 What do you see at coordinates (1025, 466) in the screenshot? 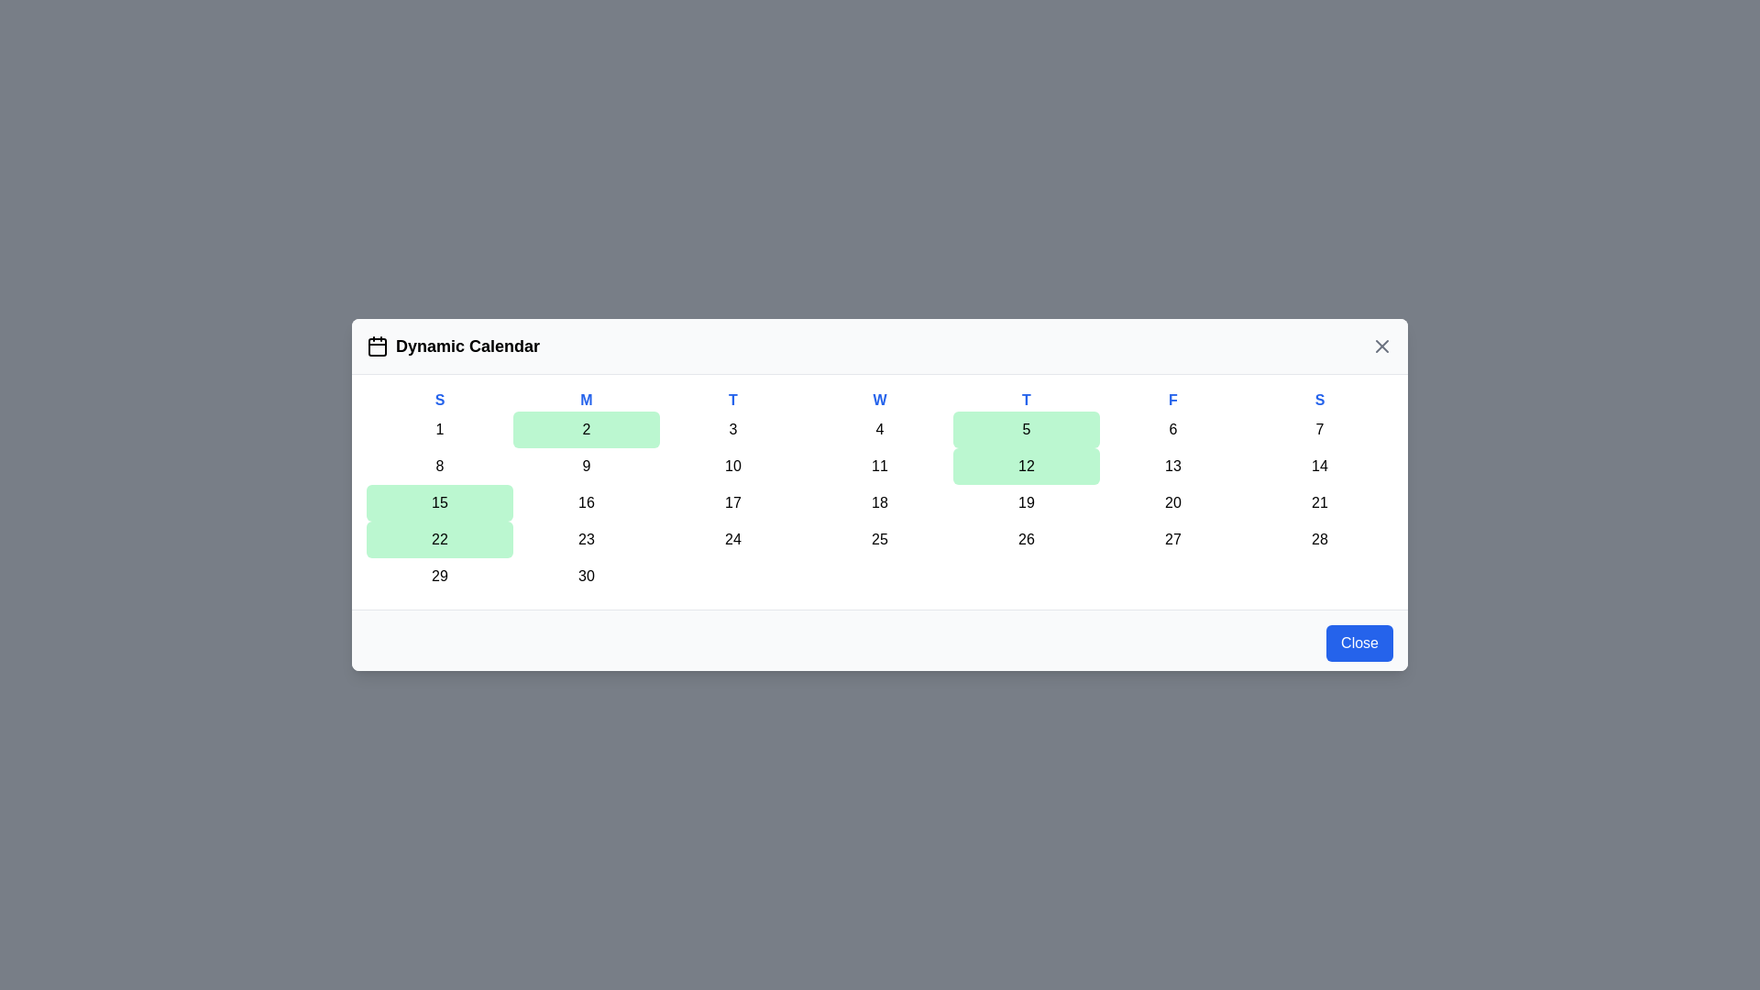
I see `the day cell corresponding to 12` at bounding box center [1025, 466].